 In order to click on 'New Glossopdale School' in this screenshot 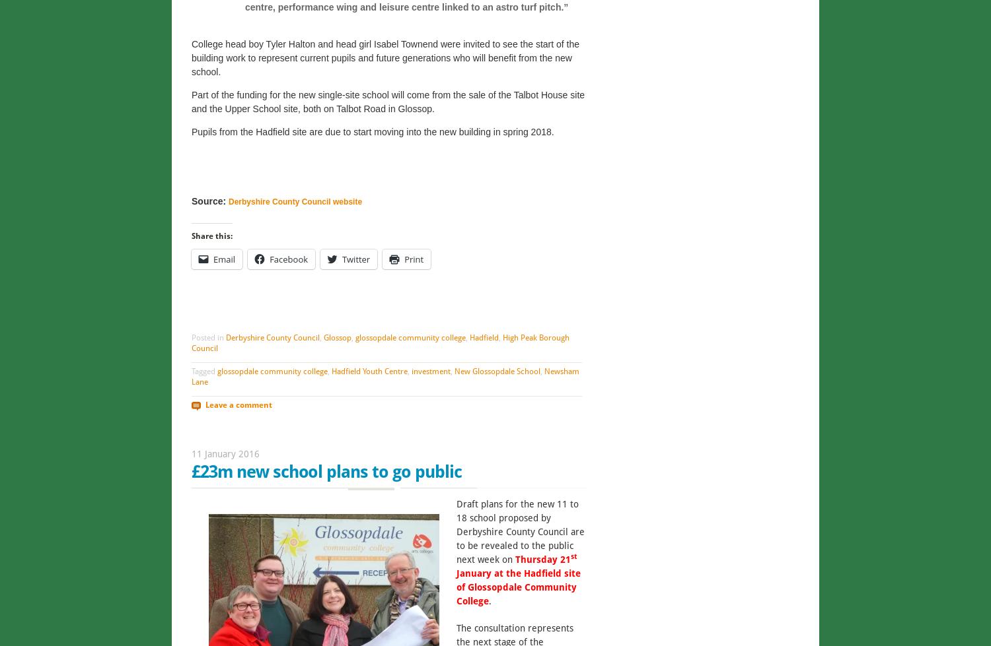, I will do `click(497, 370)`.